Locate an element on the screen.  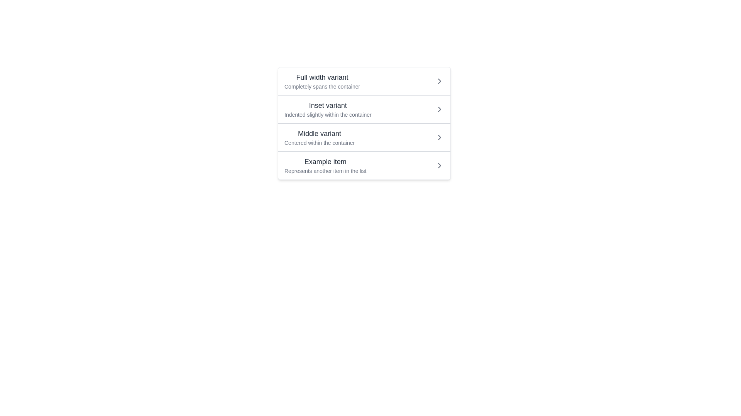
the right-pointing gray chevron icon located at the far-right end of the 'Middle variant' section is located at coordinates (439, 137).